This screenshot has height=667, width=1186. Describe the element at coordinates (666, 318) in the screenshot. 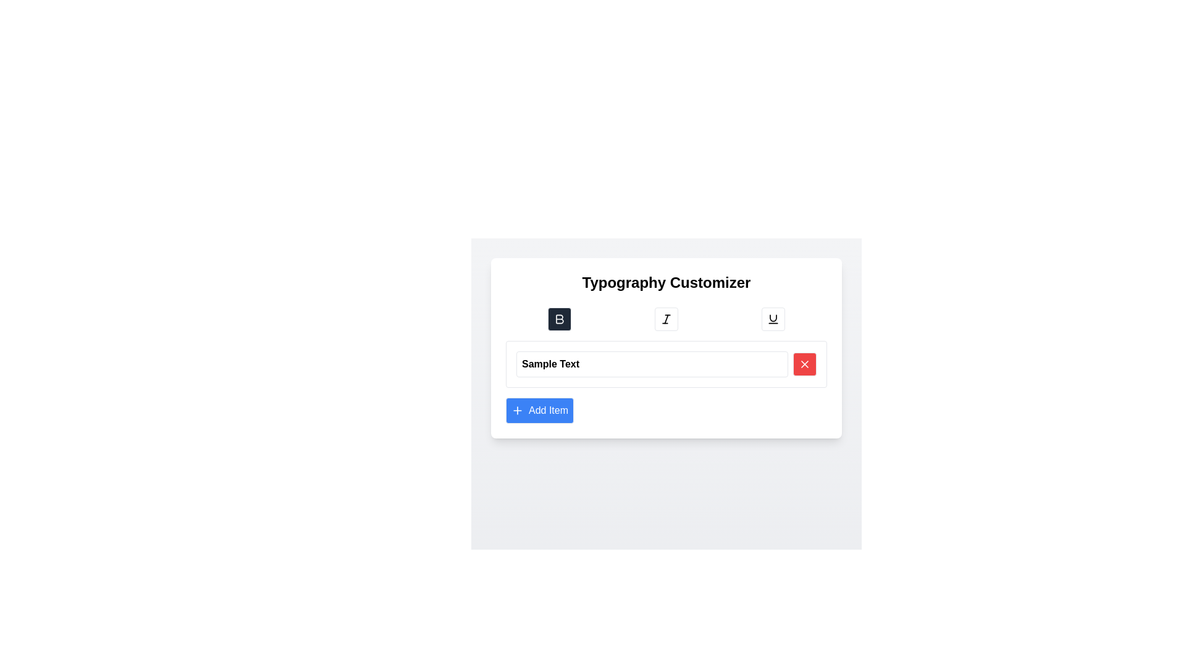

I see `the rounded rectangular button with an italicized 'I' icon` at that location.